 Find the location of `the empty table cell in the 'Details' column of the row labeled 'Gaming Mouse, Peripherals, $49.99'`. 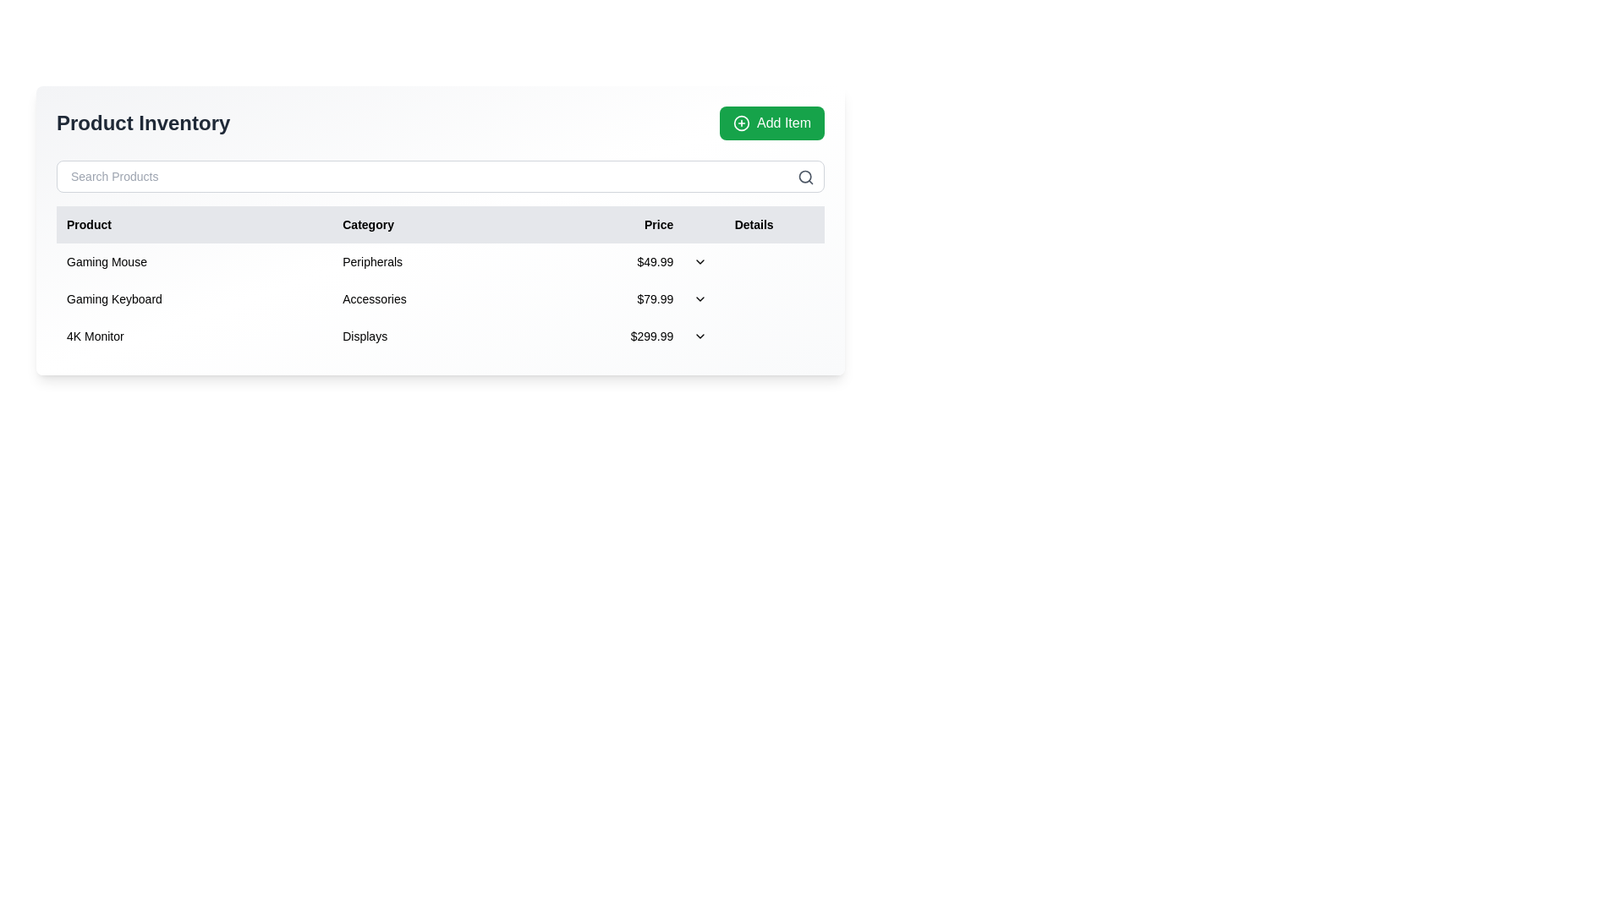

the empty table cell in the 'Details' column of the row labeled 'Gaming Mouse, Peripherals, $49.99' is located at coordinates (753, 261).